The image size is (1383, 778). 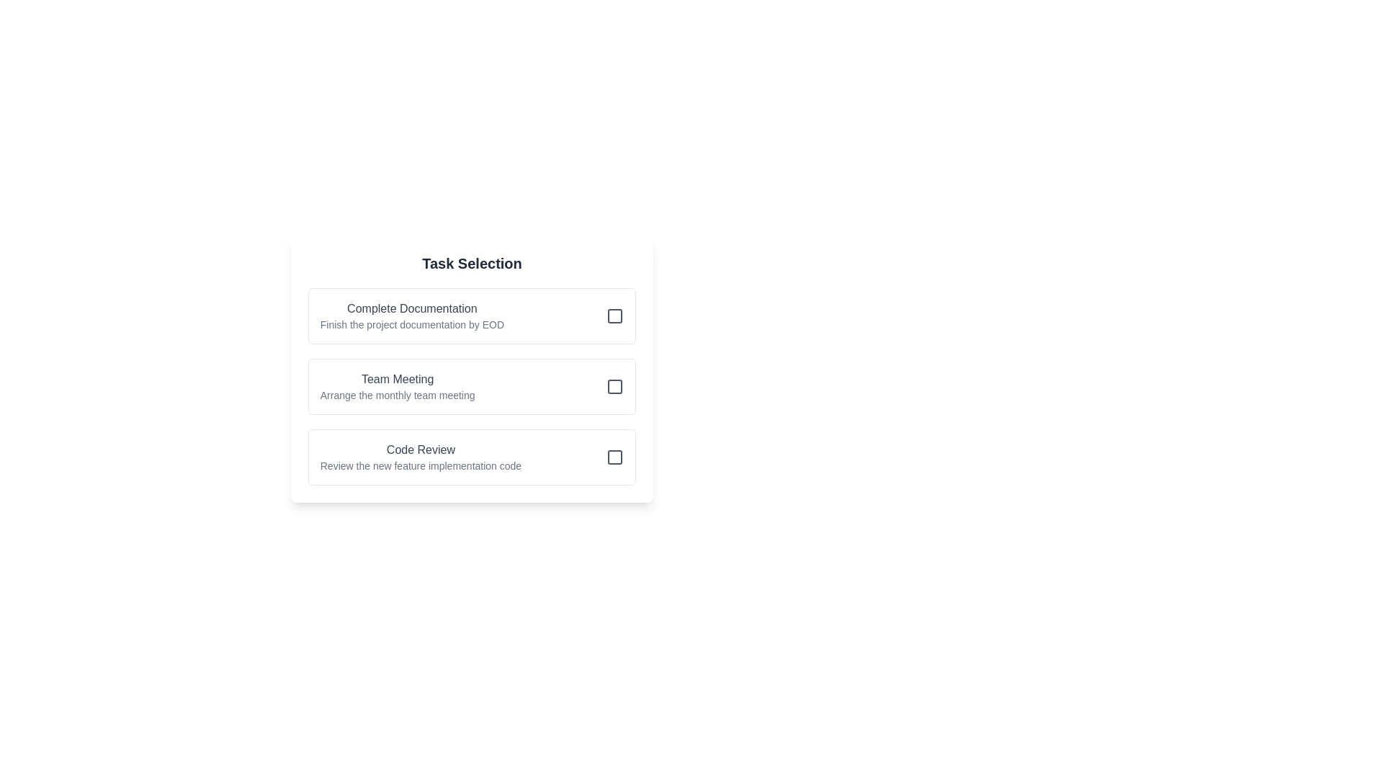 What do you see at coordinates (420, 457) in the screenshot?
I see `the 'Code Review' text label that represents a task option, located in the lower section of a vertically stacked group of task items` at bounding box center [420, 457].